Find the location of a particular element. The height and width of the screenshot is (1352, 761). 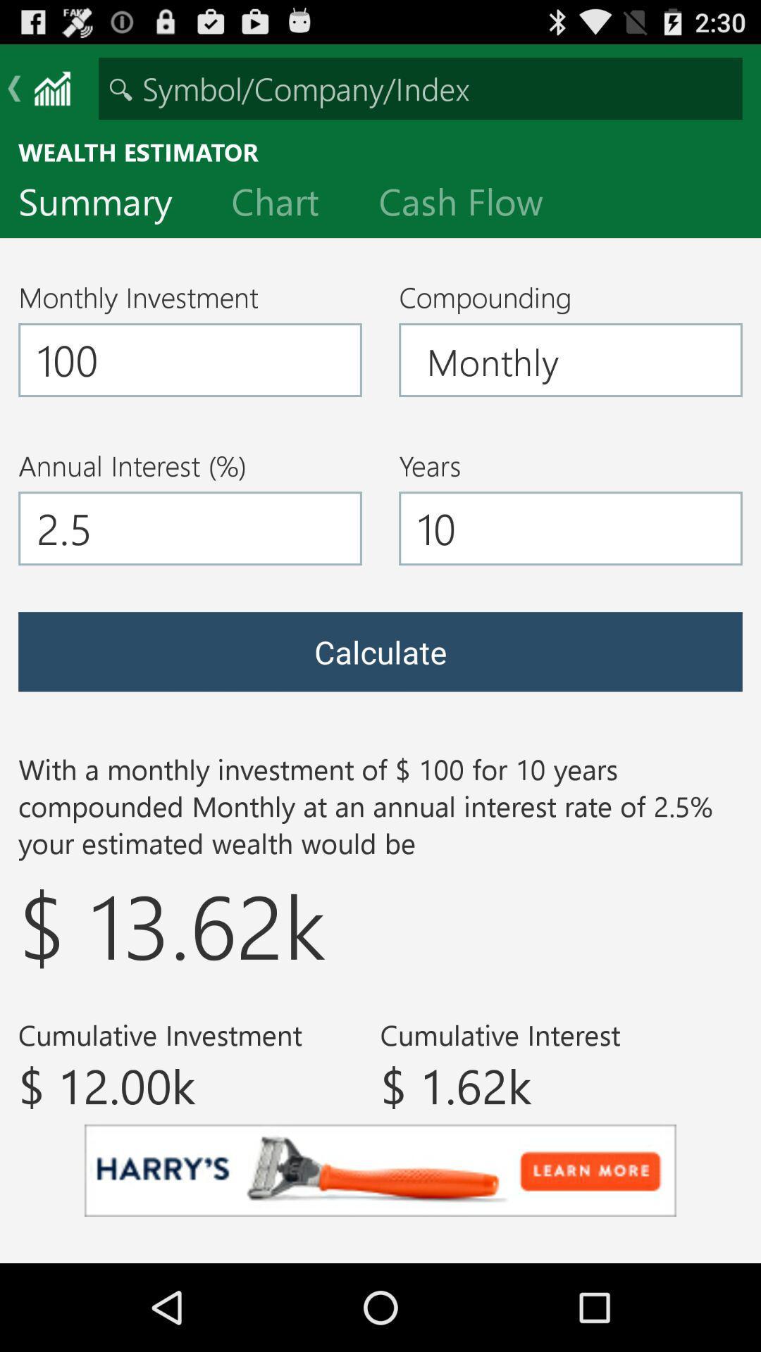

the icon next to the chart icon is located at coordinates (106, 204).